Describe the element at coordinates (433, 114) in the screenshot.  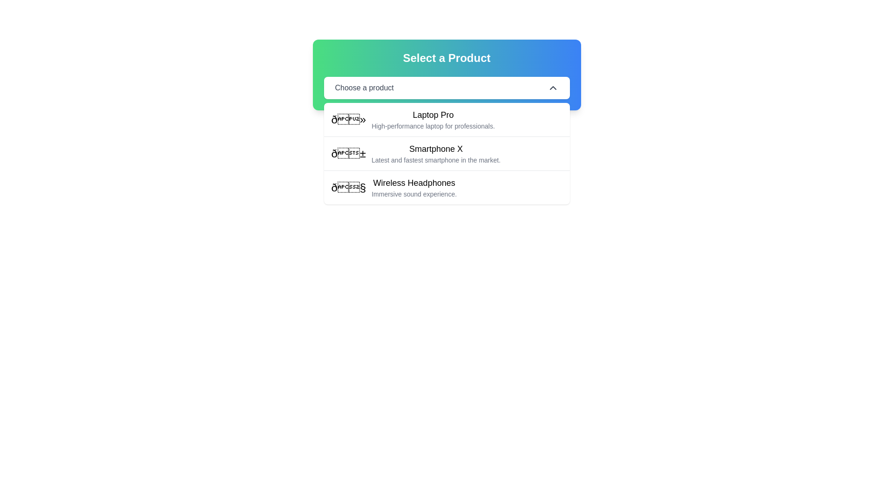
I see `text of the 'Laptop Pro' text label, which is centrally positioned in the item list under the 'Select a Product' dropdown menu` at that location.